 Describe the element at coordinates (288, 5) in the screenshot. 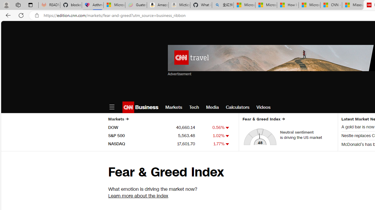

I see `'How I Got Rid of Microsoft Edge'` at that location.